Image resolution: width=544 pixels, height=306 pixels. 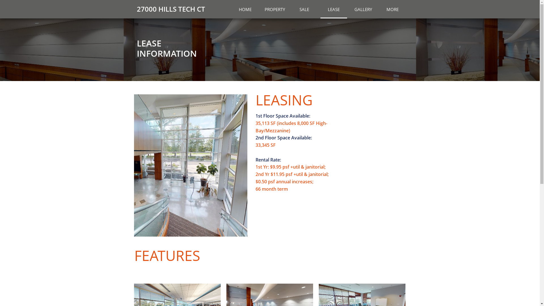 What do you see at coordinates (363, 9) in the screenshot?
I see `'GALLERY'` at bounding box center [363, 9].